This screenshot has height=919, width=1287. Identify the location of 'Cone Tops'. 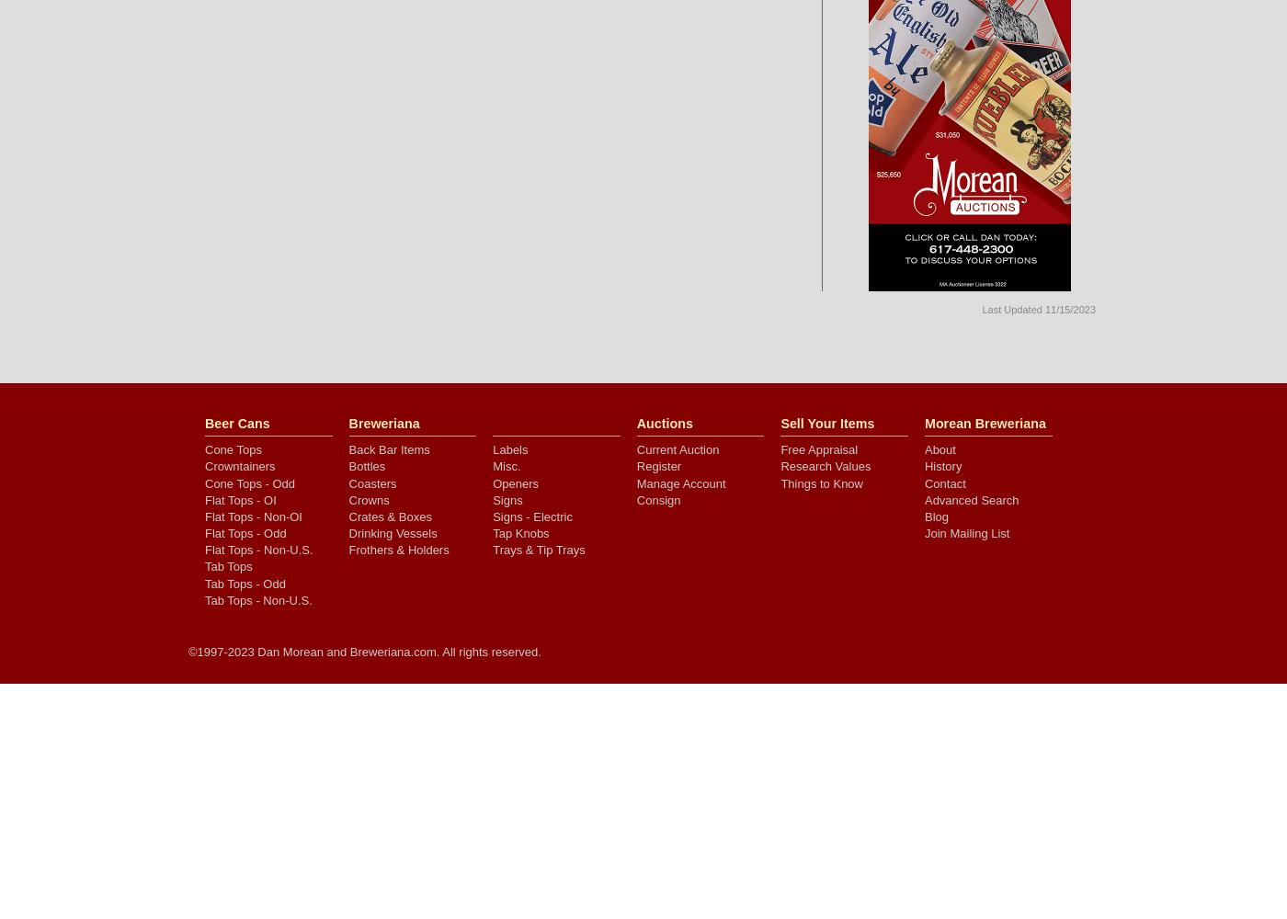
(205, 448).